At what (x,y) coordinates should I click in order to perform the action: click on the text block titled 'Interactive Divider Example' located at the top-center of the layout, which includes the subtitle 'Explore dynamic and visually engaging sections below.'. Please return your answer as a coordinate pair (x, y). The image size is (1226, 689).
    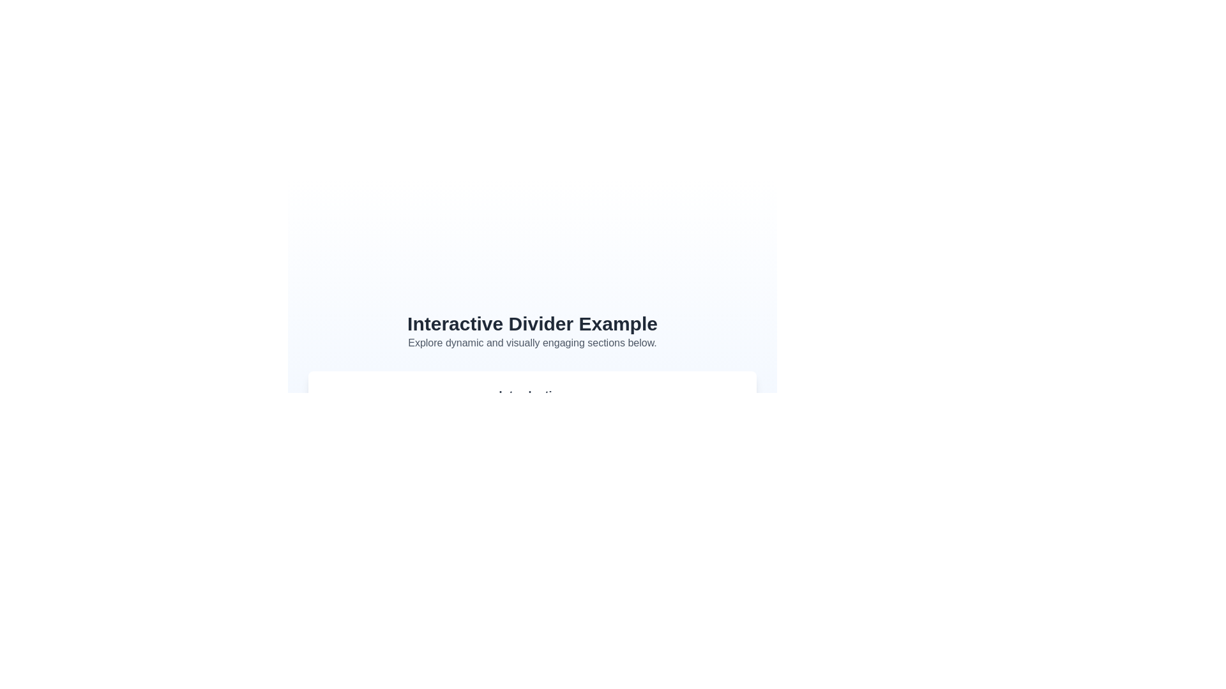
    Looking at the image, I should click on (533, 330).